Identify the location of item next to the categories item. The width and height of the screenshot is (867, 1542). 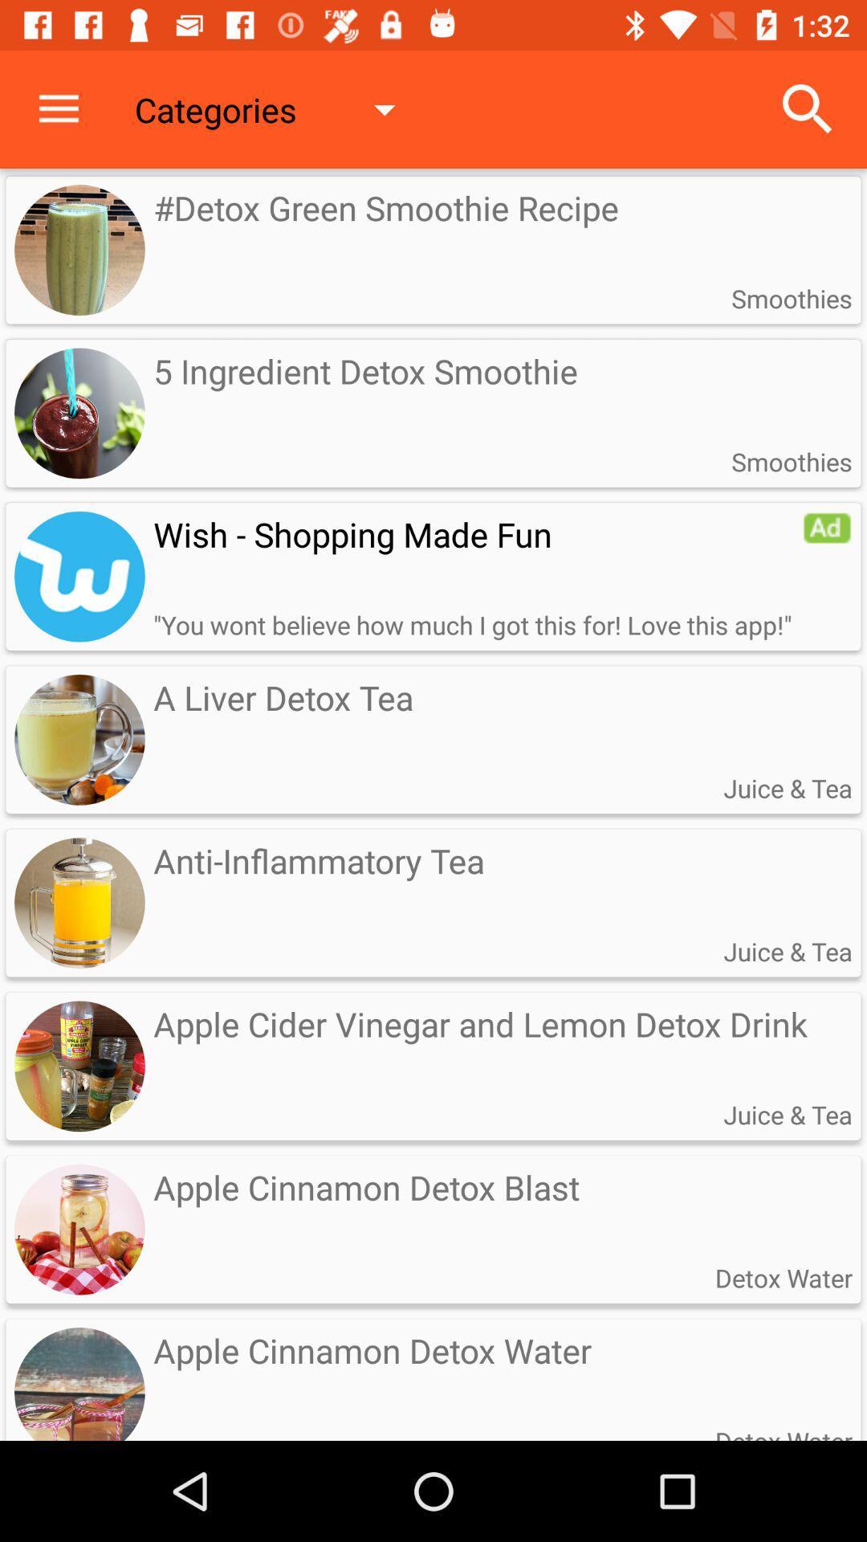
(808, 108).